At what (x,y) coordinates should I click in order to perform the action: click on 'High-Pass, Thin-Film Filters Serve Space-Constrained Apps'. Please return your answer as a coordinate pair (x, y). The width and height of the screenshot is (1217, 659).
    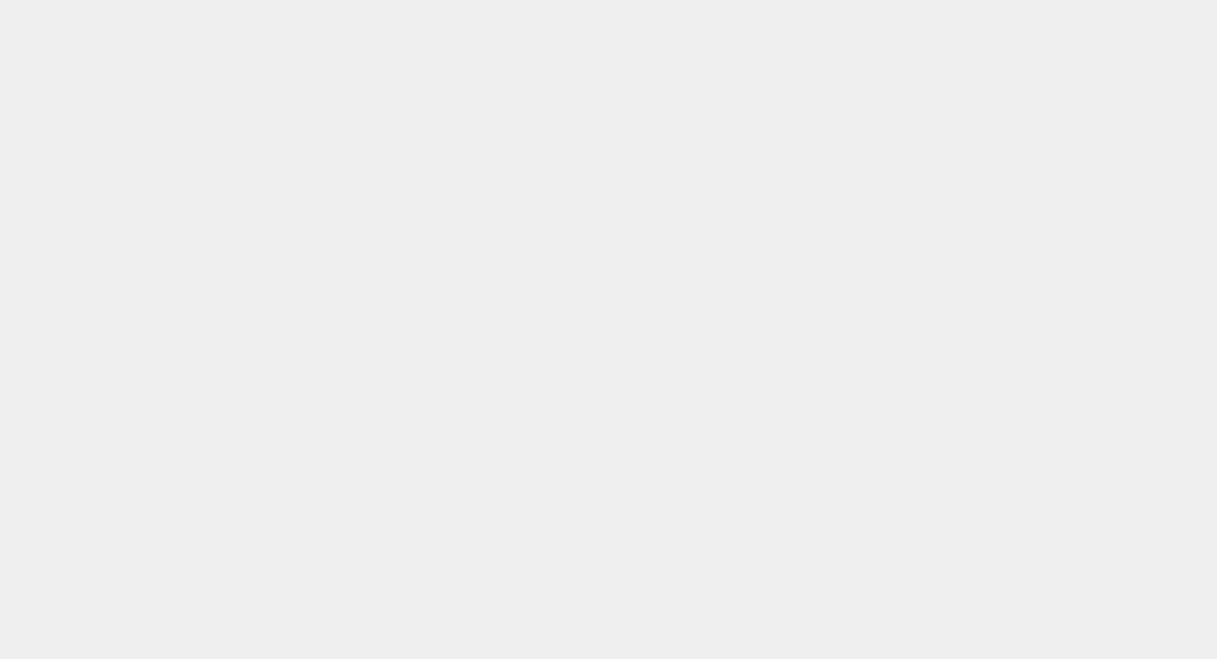
    Looking at the image, I should click on (896, 215).